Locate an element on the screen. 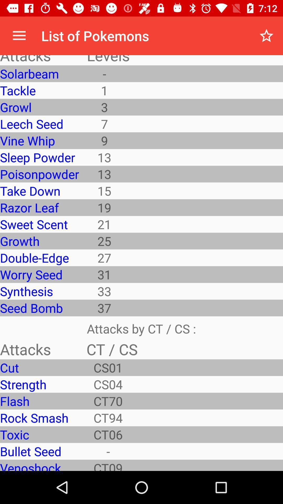 This screenshot has width=283, height=504. the app below vine whip icon is located at coordinates (39, 157).